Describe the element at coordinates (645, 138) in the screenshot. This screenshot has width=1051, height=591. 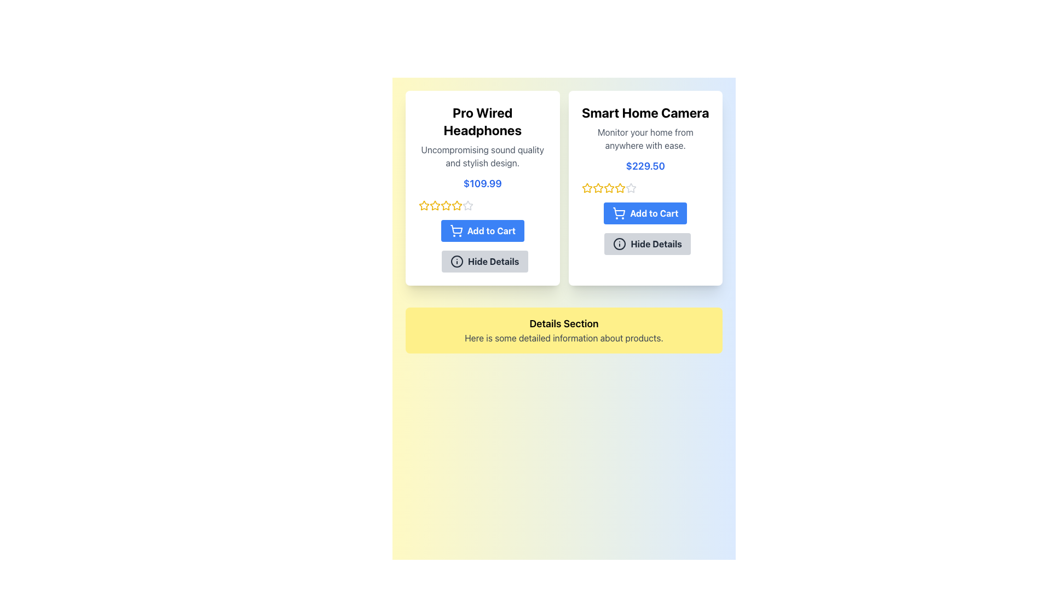
I see `the text block that says 'Monitor your home from anywhere with ease.' which is centrally located below the title 'Smart Home Camera' within a white card` at that location.